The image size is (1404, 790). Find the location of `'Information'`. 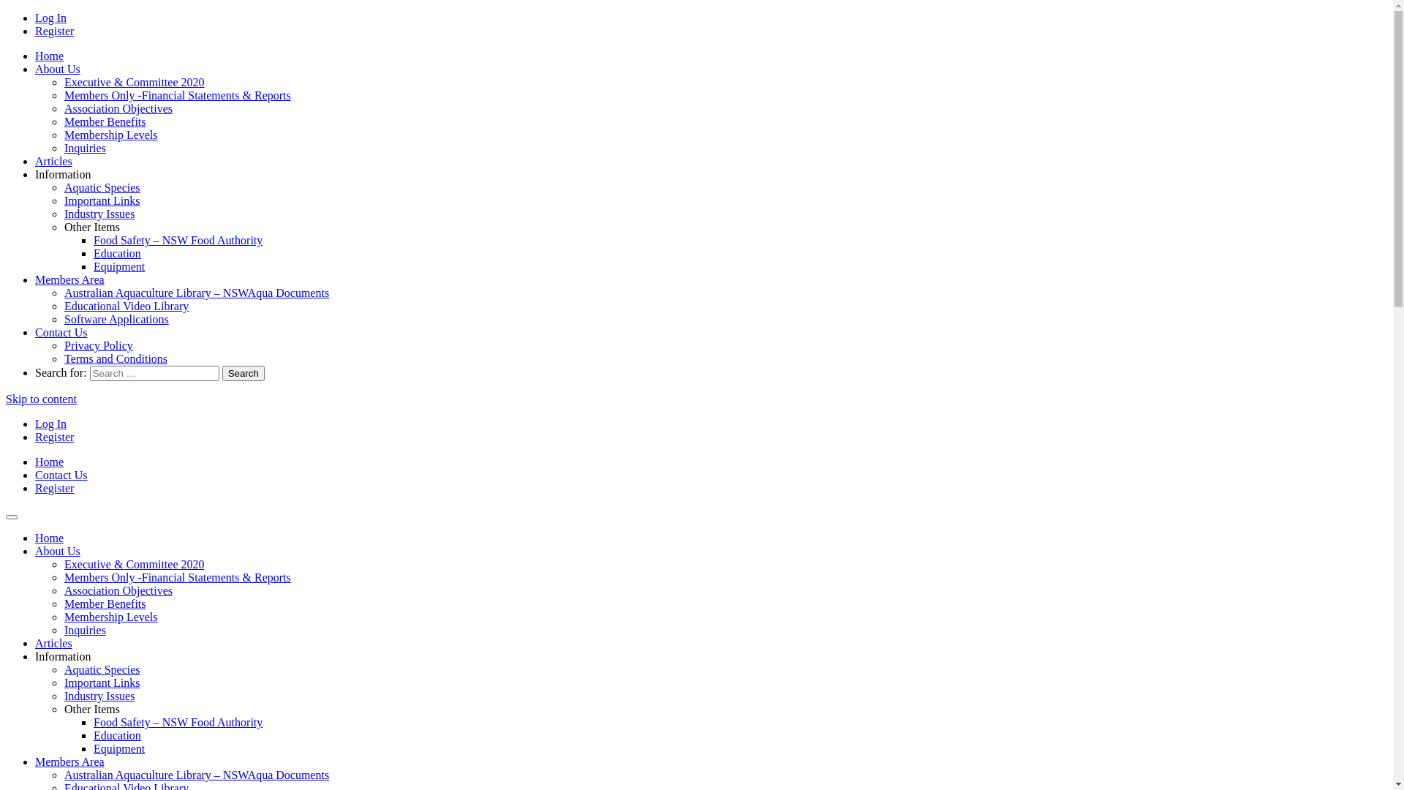

'Information' is located at coordinates (35, 655).